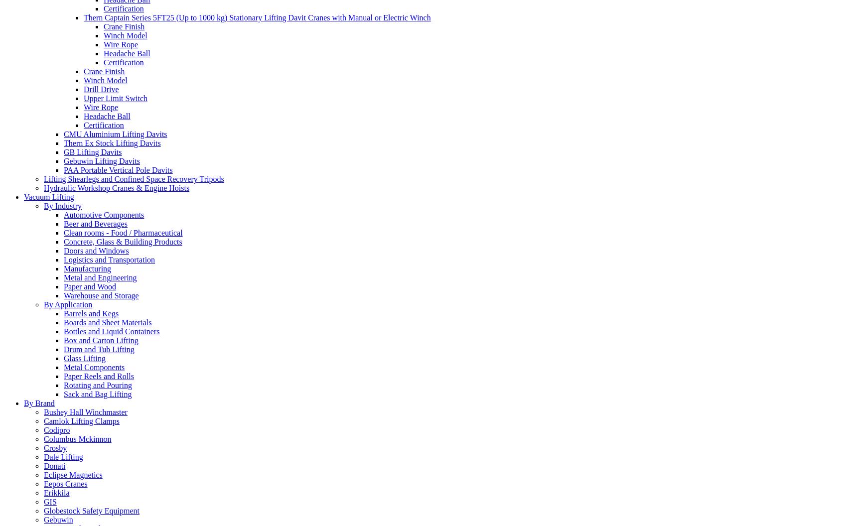  What do you see at coordinates (97, 384) in the screenshot?
I see `'Rotating and Pouring'` at bounding box center [97, 384].